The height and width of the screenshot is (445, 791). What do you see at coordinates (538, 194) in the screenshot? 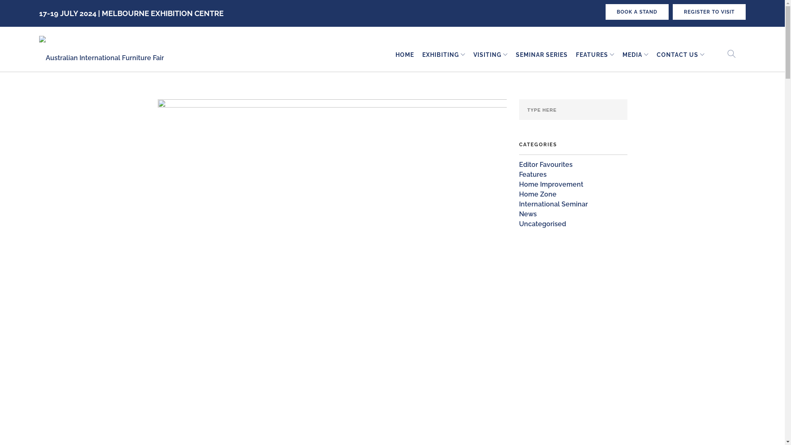
I see `'Home Zone'` at bounding box center [538, 194].